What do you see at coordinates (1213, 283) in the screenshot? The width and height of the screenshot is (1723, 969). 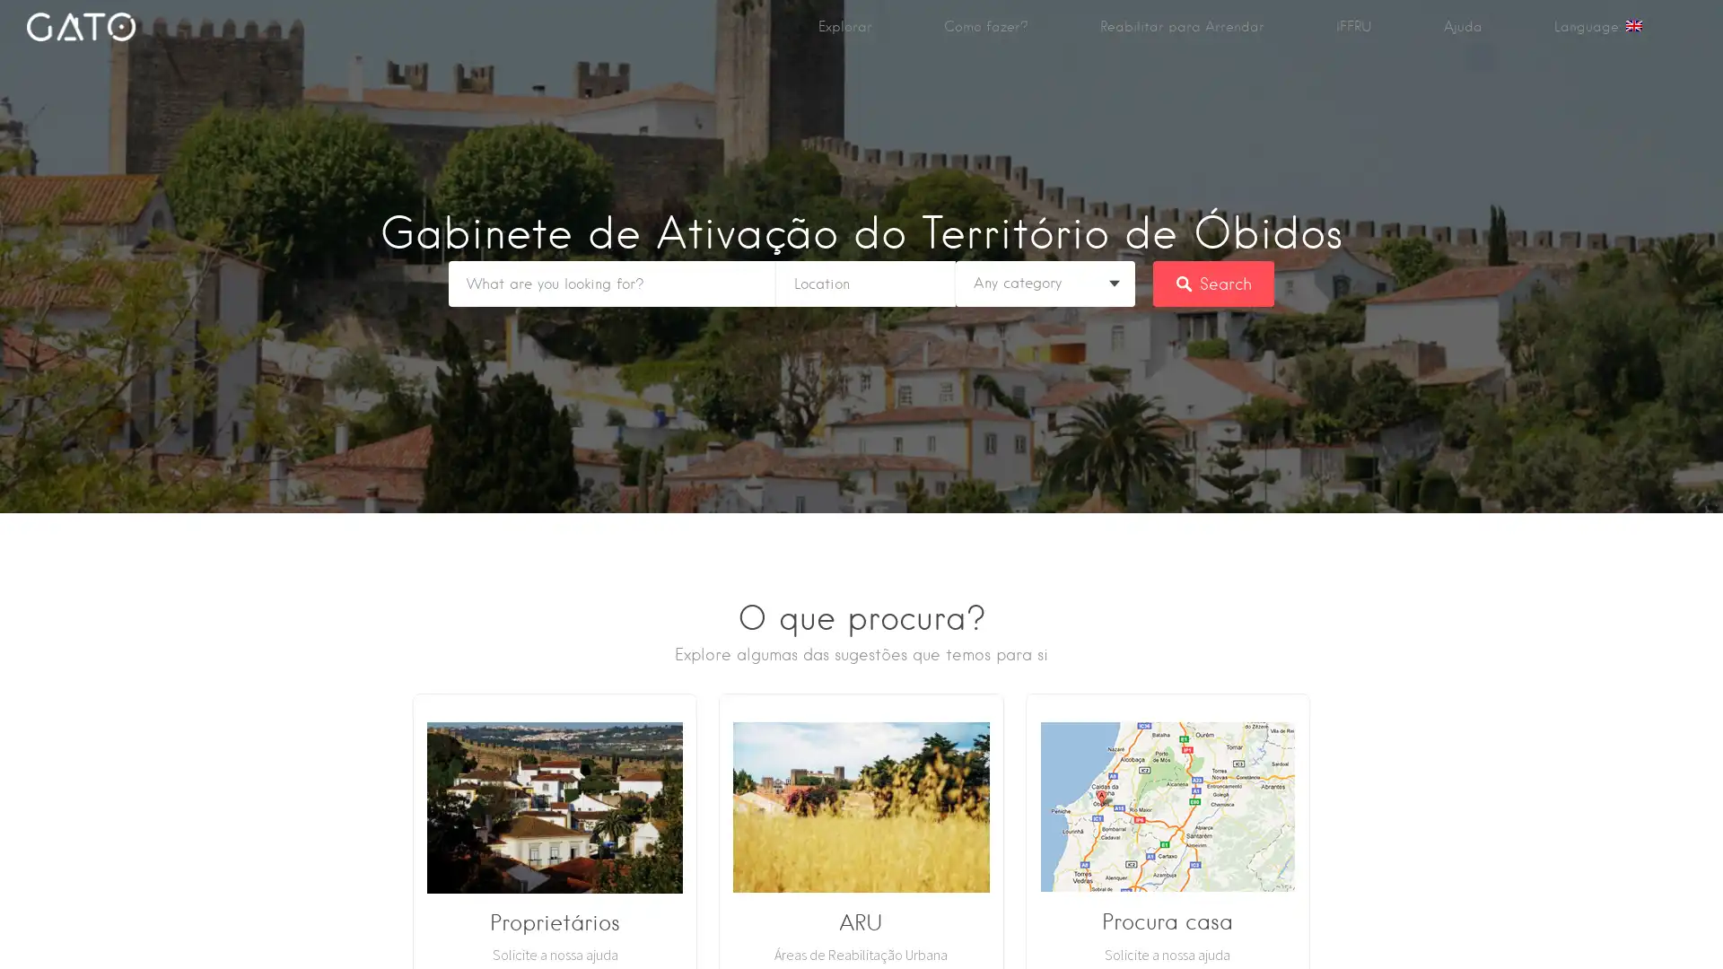 I see `Search` at bounding box center [1213, 283].